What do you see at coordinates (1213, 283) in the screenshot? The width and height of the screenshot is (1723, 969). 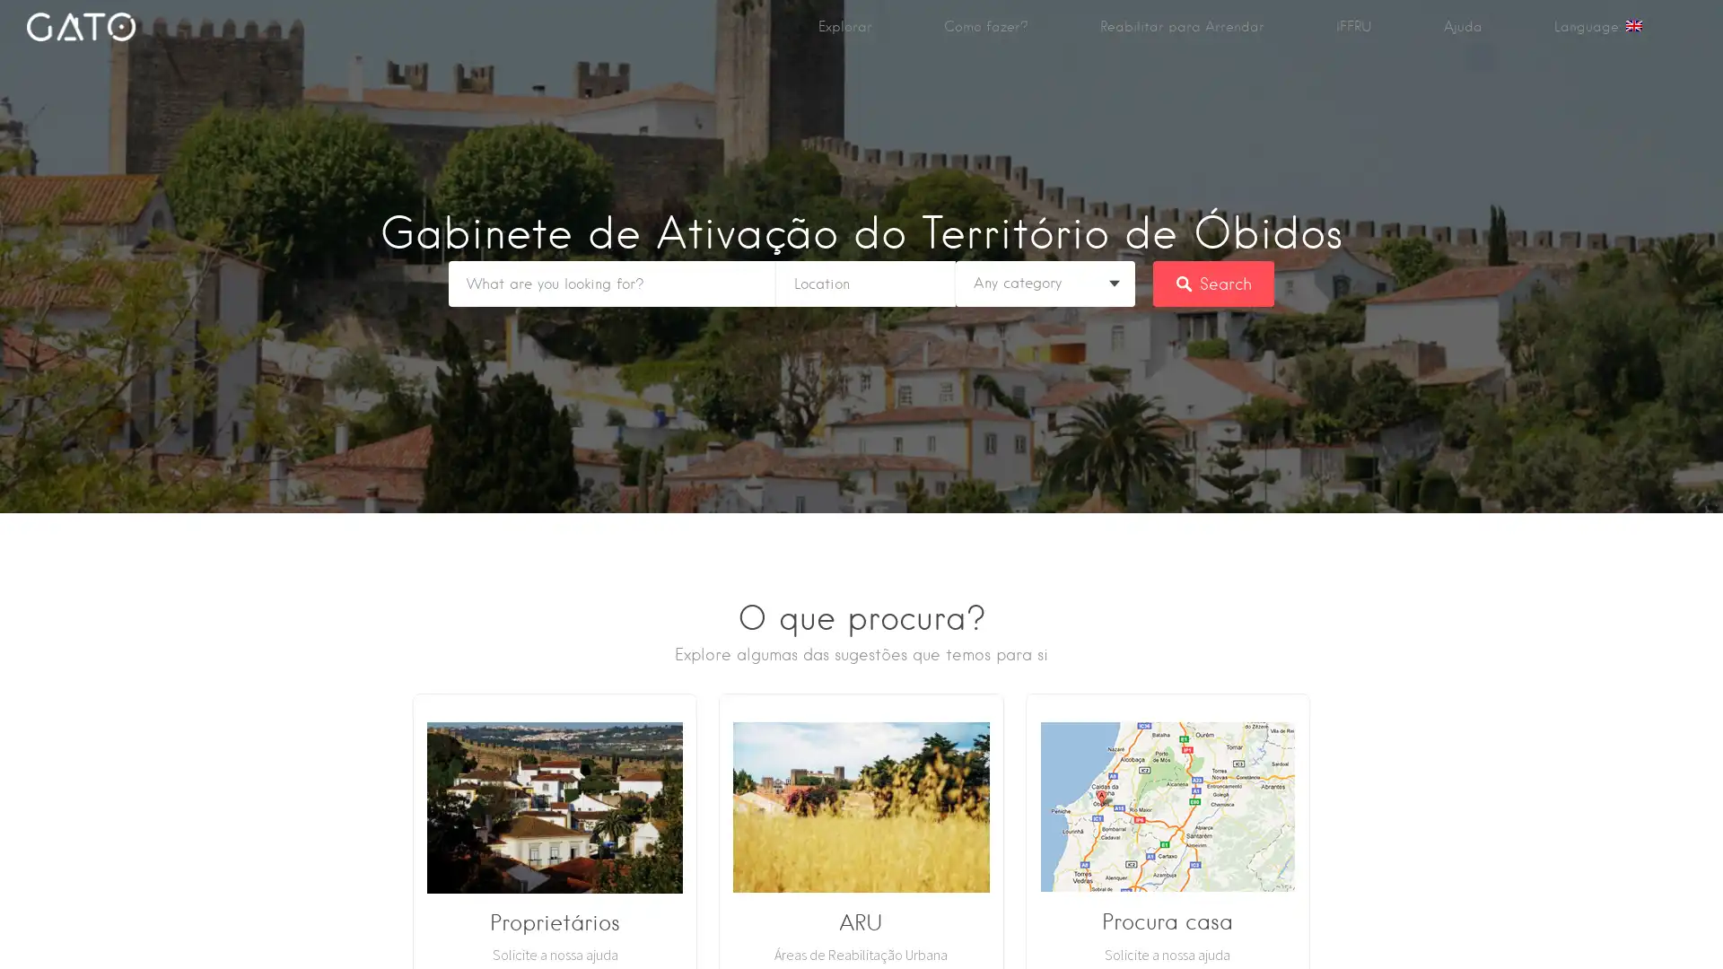 I see `Search` at bounding box center [1213, 283].